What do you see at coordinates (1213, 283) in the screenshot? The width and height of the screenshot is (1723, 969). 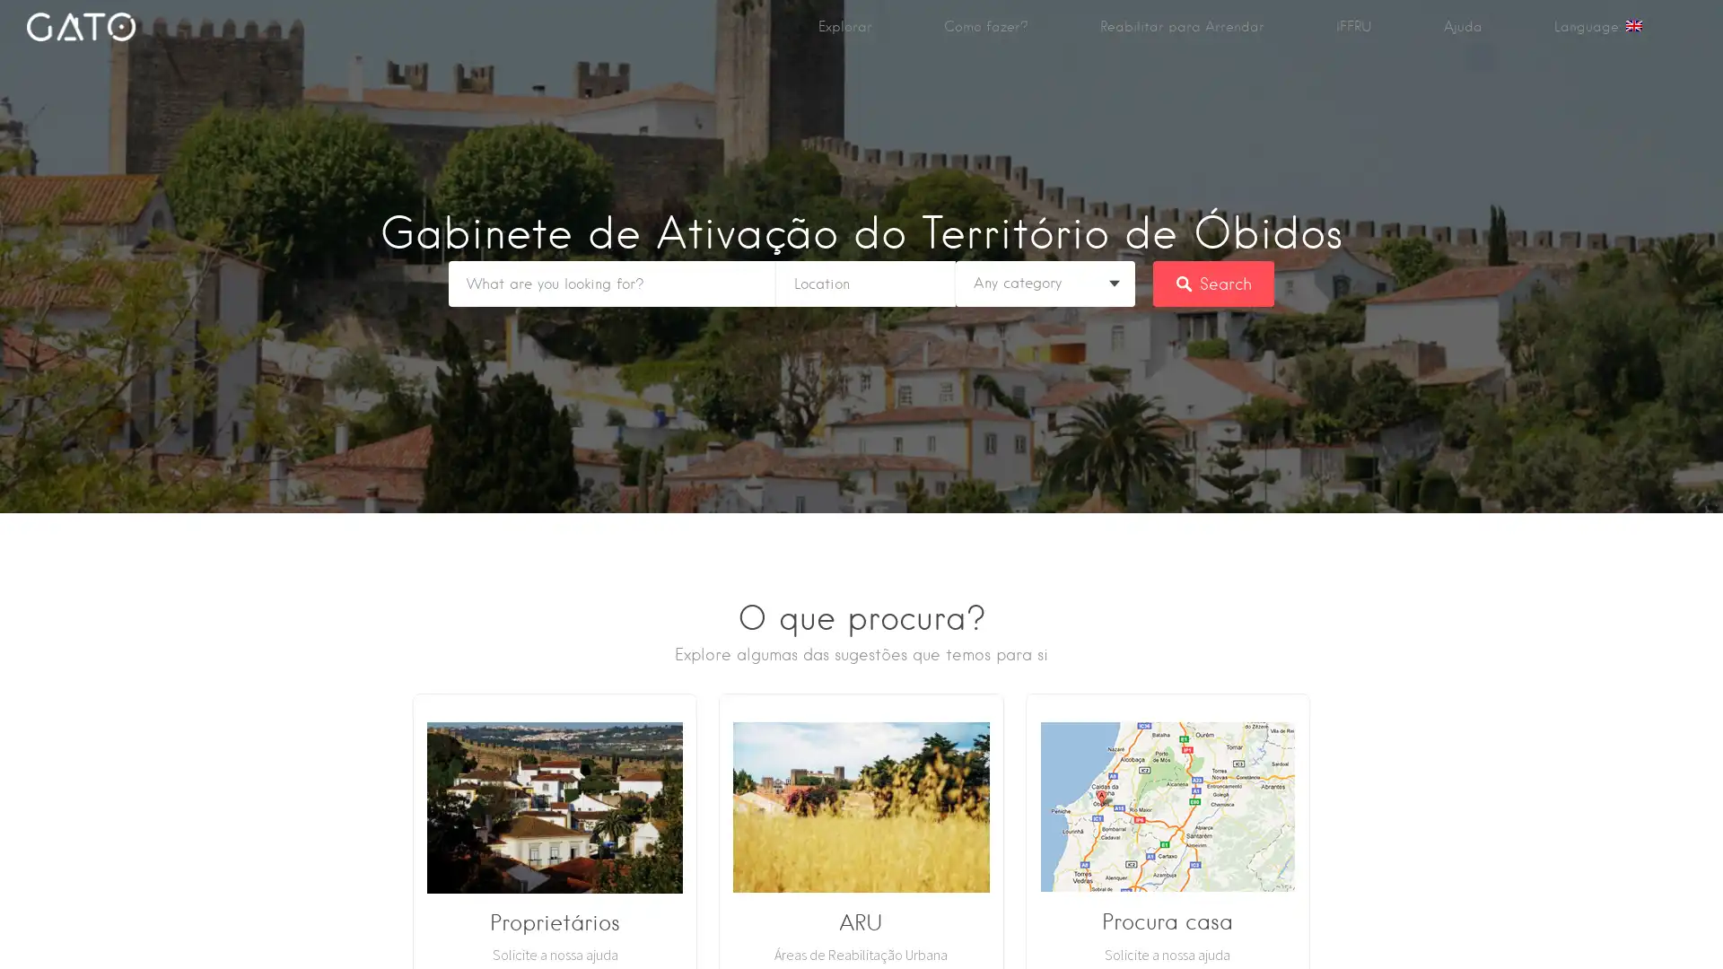 I see `Search` at bounding box center [1213, 283].